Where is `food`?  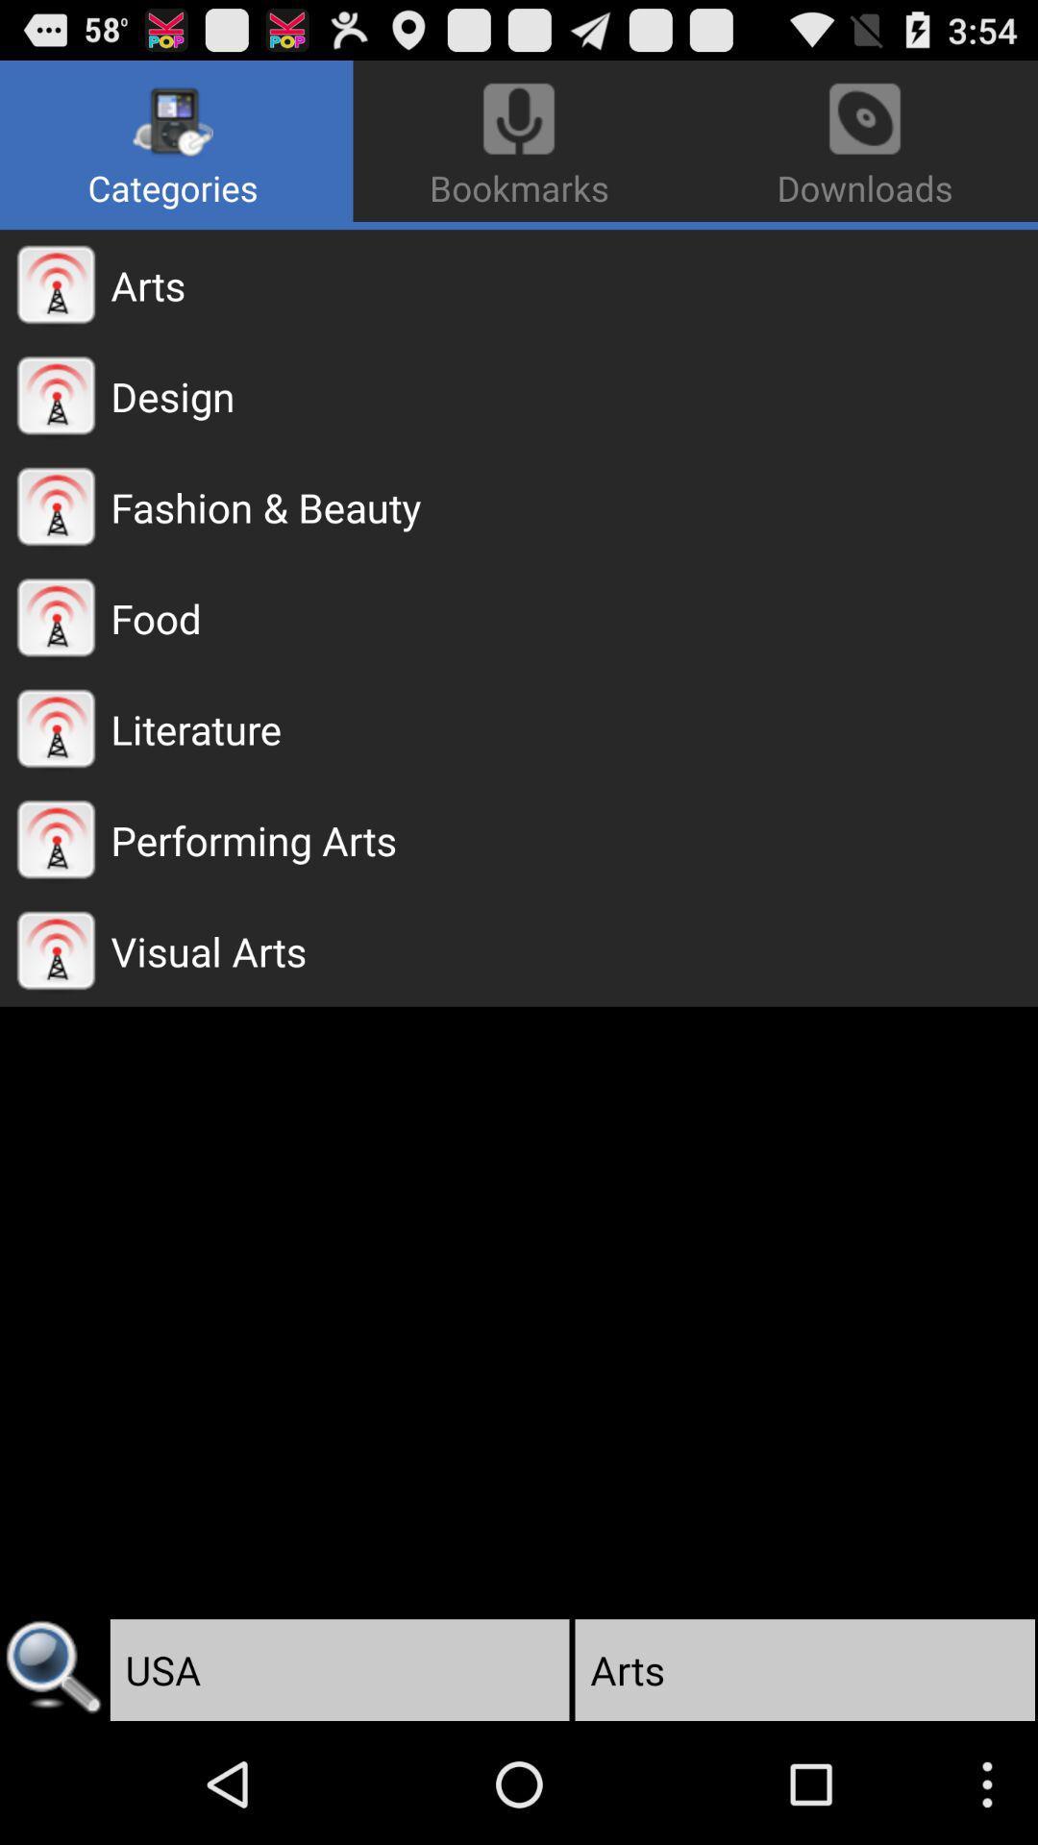
food is located at coordinates (573, 618).